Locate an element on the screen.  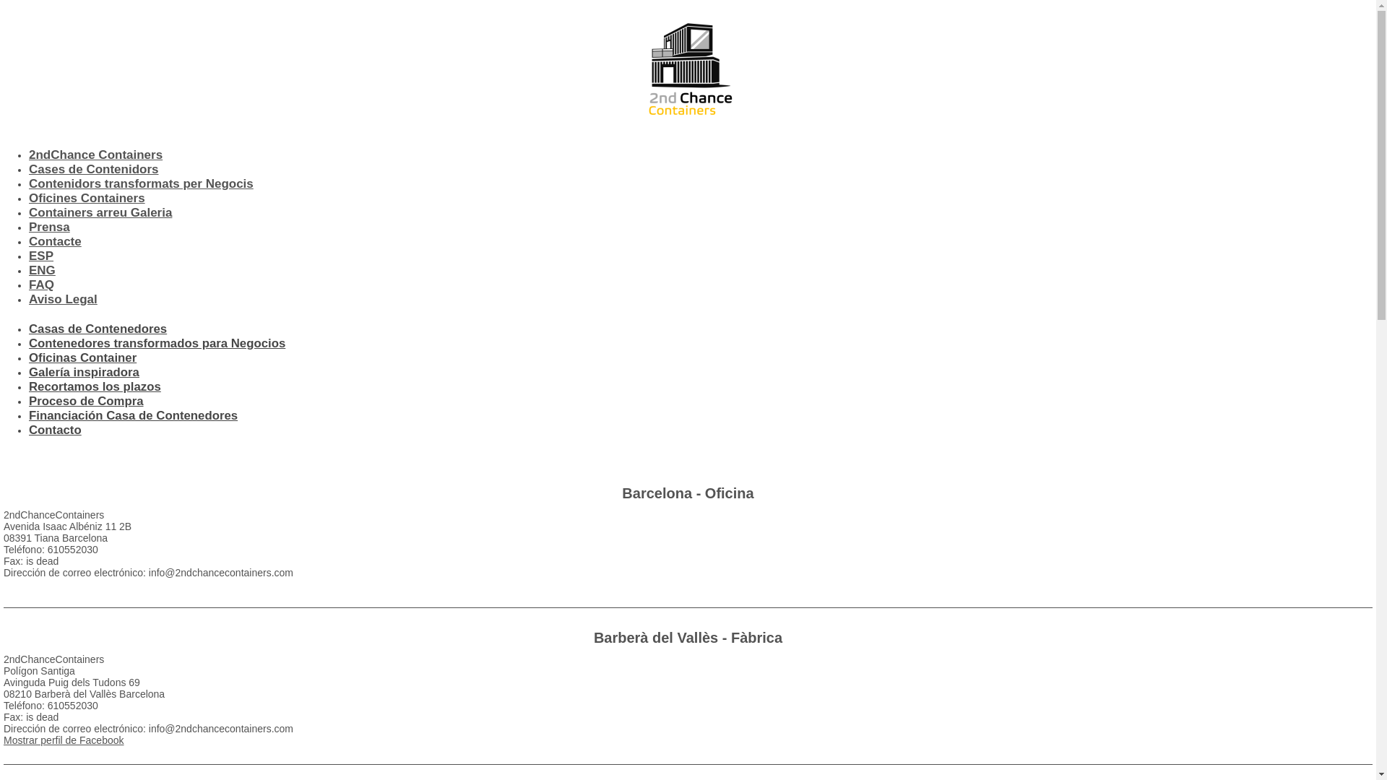
'ESP' is located at coordinates (28, 255).